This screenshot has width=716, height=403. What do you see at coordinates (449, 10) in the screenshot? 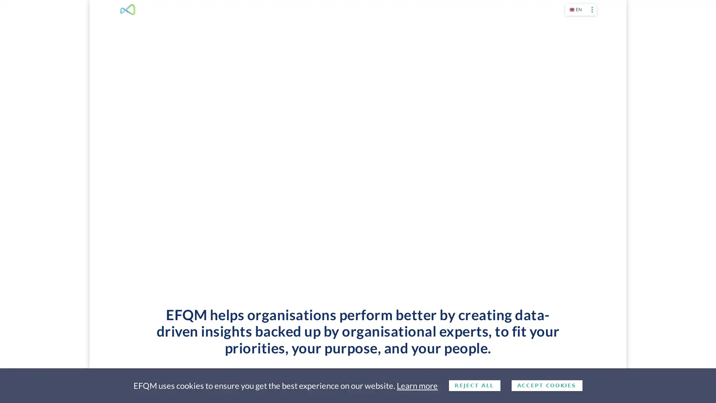
I see `NEWS` at bounding box center [449, 10].